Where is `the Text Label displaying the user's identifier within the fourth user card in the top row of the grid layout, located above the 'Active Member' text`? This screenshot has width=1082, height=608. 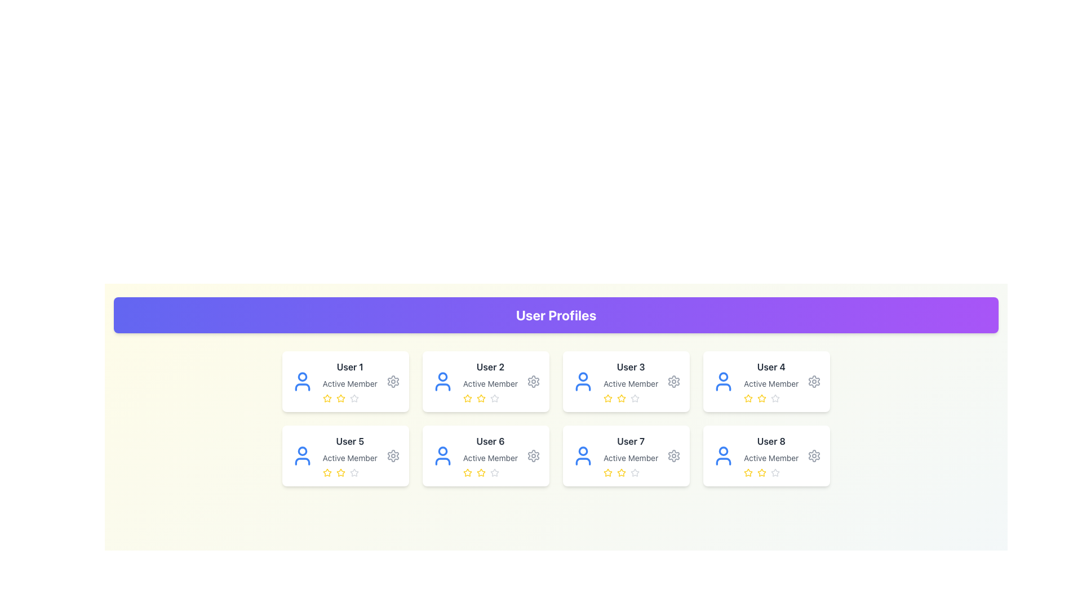
the Text Label displaying the user's identifier within the fourth user card in the top row of the grid layout, located above the 'Active Member' text is located at coordinates (770, 366).